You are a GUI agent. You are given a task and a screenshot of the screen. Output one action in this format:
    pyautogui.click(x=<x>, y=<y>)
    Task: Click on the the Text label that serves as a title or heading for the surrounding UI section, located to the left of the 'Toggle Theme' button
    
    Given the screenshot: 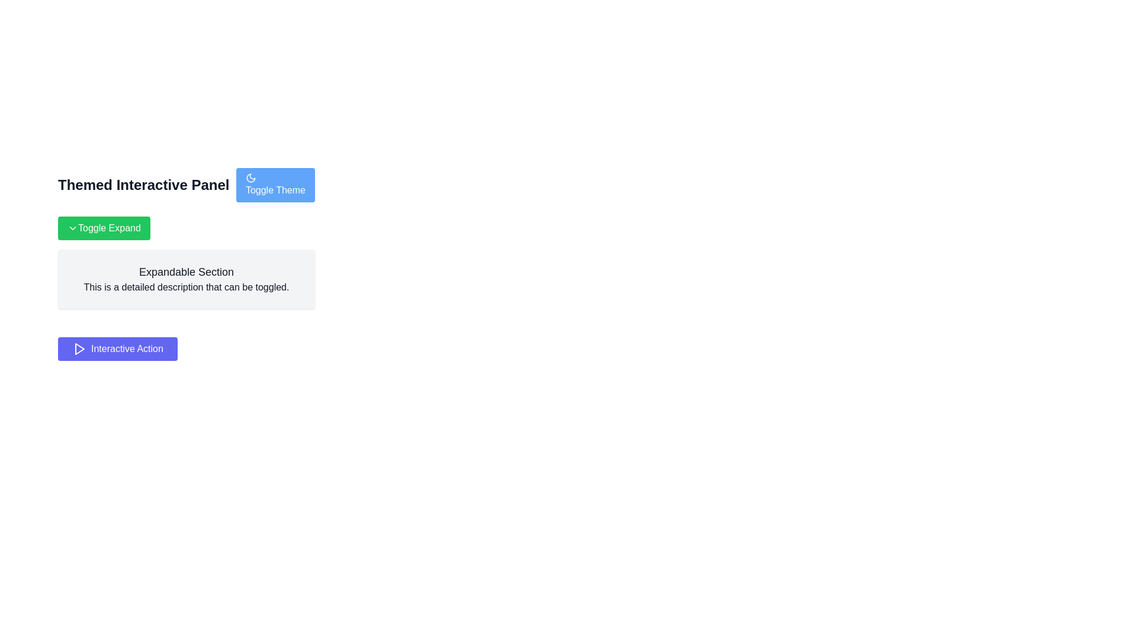 What is the action you would take?
    pyautogui.click(x=143, y=185)
    